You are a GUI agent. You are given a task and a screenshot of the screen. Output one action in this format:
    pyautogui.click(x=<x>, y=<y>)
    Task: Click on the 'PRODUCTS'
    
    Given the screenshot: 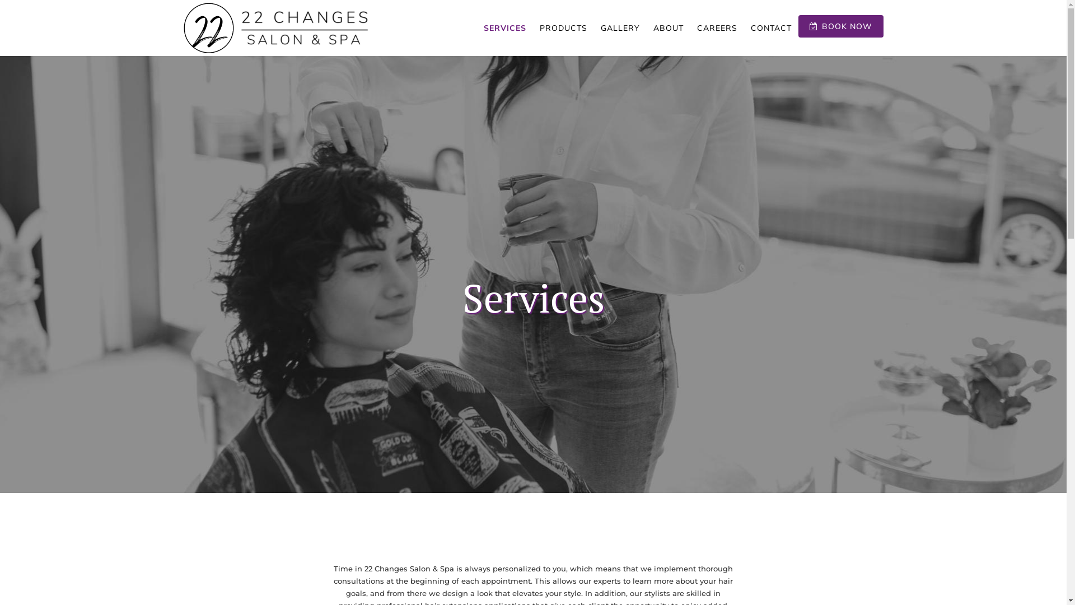 What is the action you would take?
    pyautogui.click(x=532, y=27)
    